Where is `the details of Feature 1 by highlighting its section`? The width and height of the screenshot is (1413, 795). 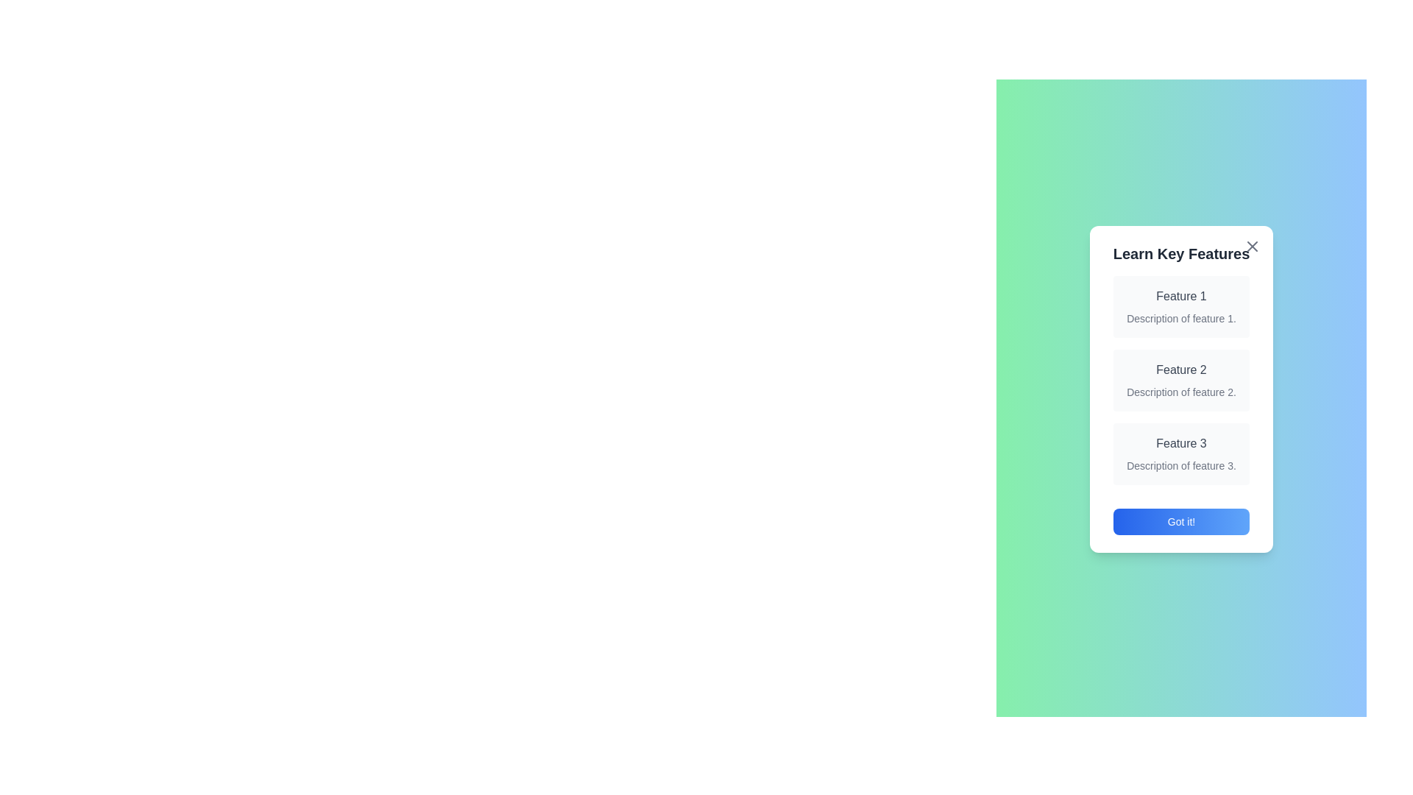
the details of Feature 1 by highlighting its section is located at coordinates (1180, 305).